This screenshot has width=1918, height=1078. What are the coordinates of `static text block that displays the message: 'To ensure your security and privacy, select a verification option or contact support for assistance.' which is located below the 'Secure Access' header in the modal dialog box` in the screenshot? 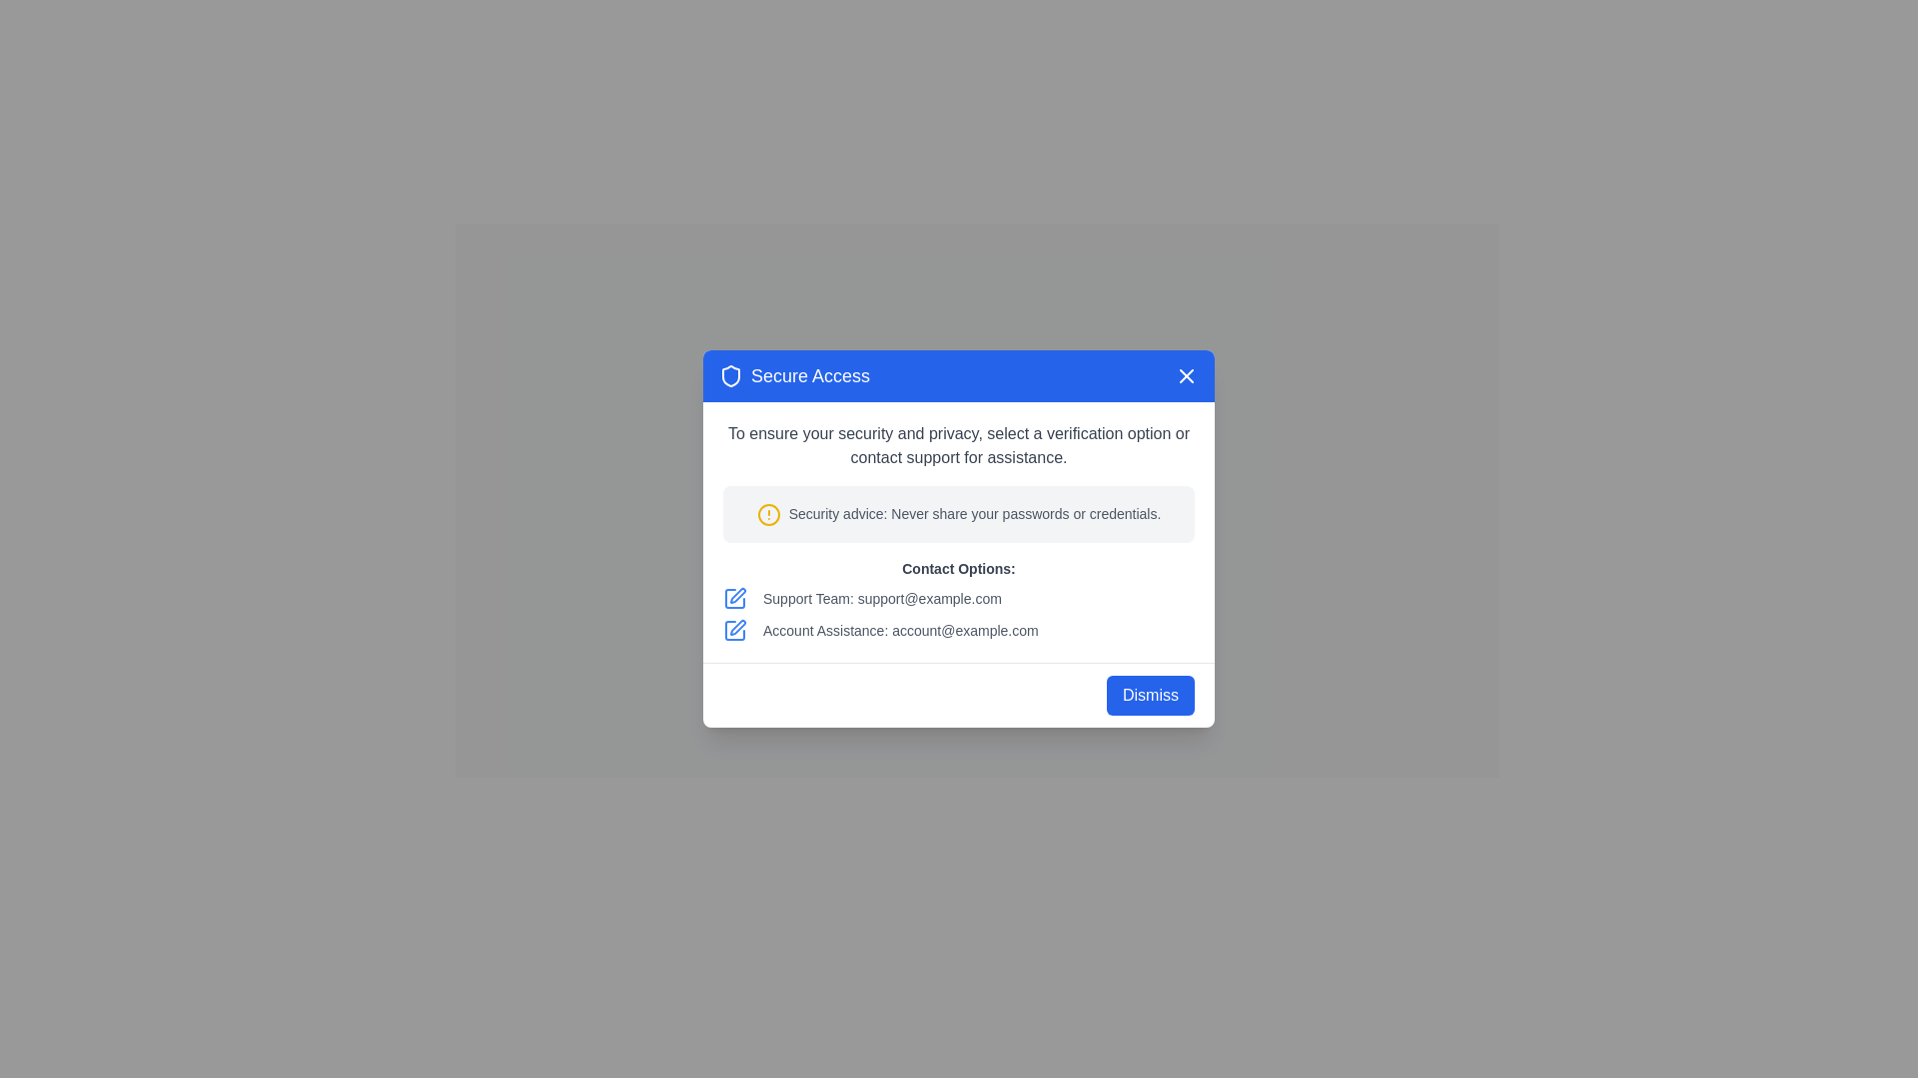 It's located at (959, 445).